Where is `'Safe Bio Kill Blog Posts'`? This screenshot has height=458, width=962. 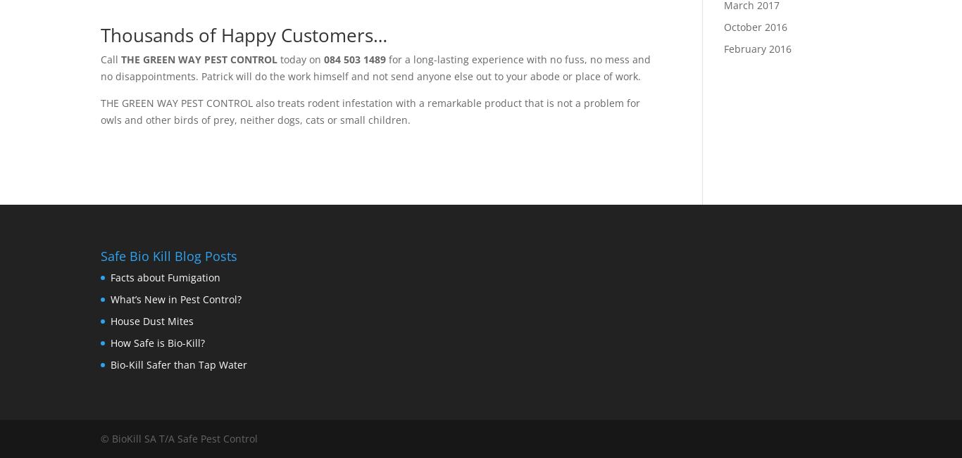
'Safe Bio Kill Blog Posts' is located at coordinates (169, 255).